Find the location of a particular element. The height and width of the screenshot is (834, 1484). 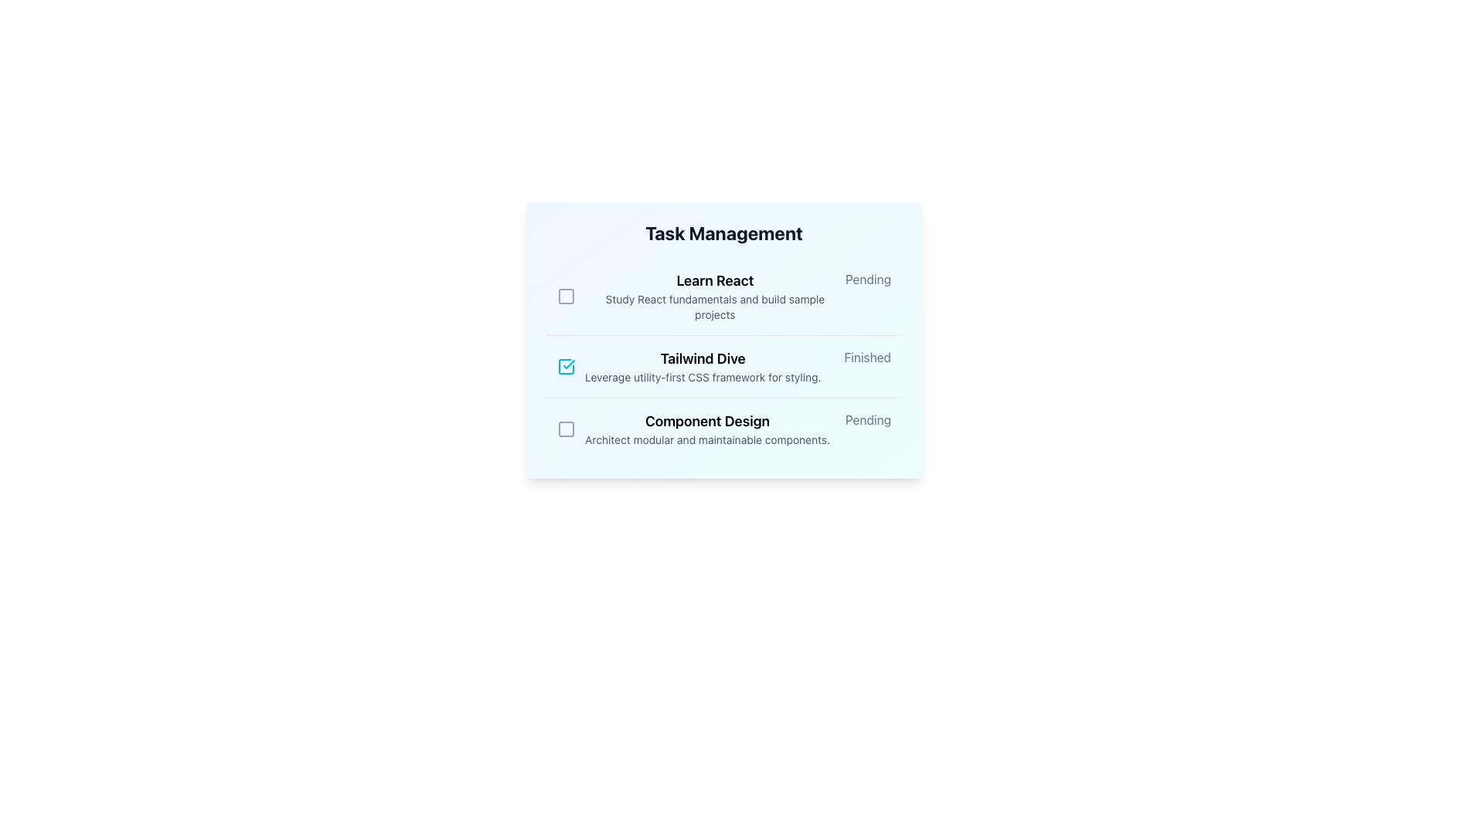

the 'Learn React' Text Block, which is a highlighted block of text in the 'Task Management' section that features a bold title and a descriptive text is located at coordinates (714, 297).